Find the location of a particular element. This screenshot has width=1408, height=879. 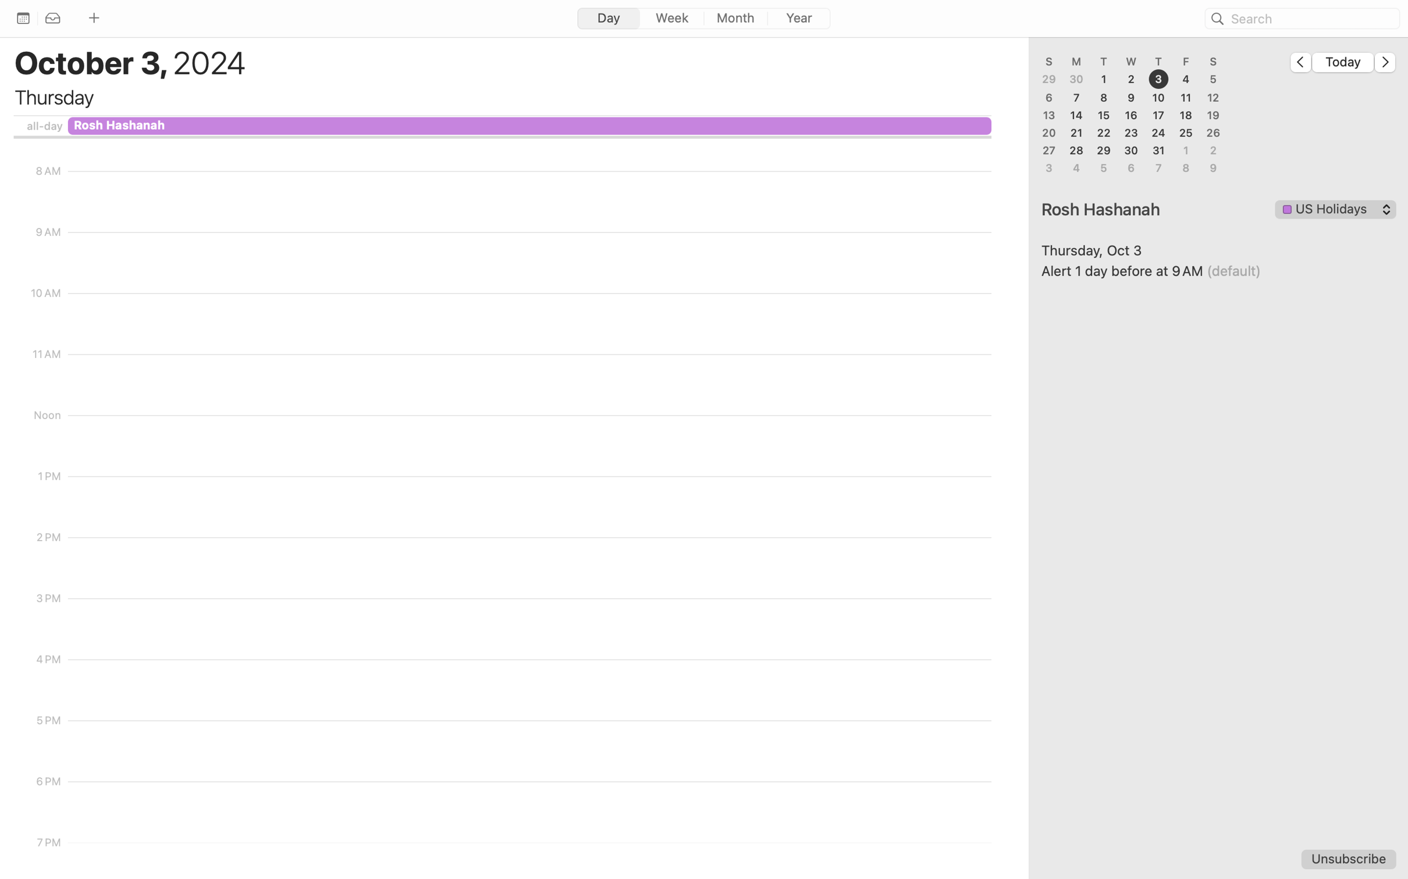

'12' is located at coordinates (1213, 97).